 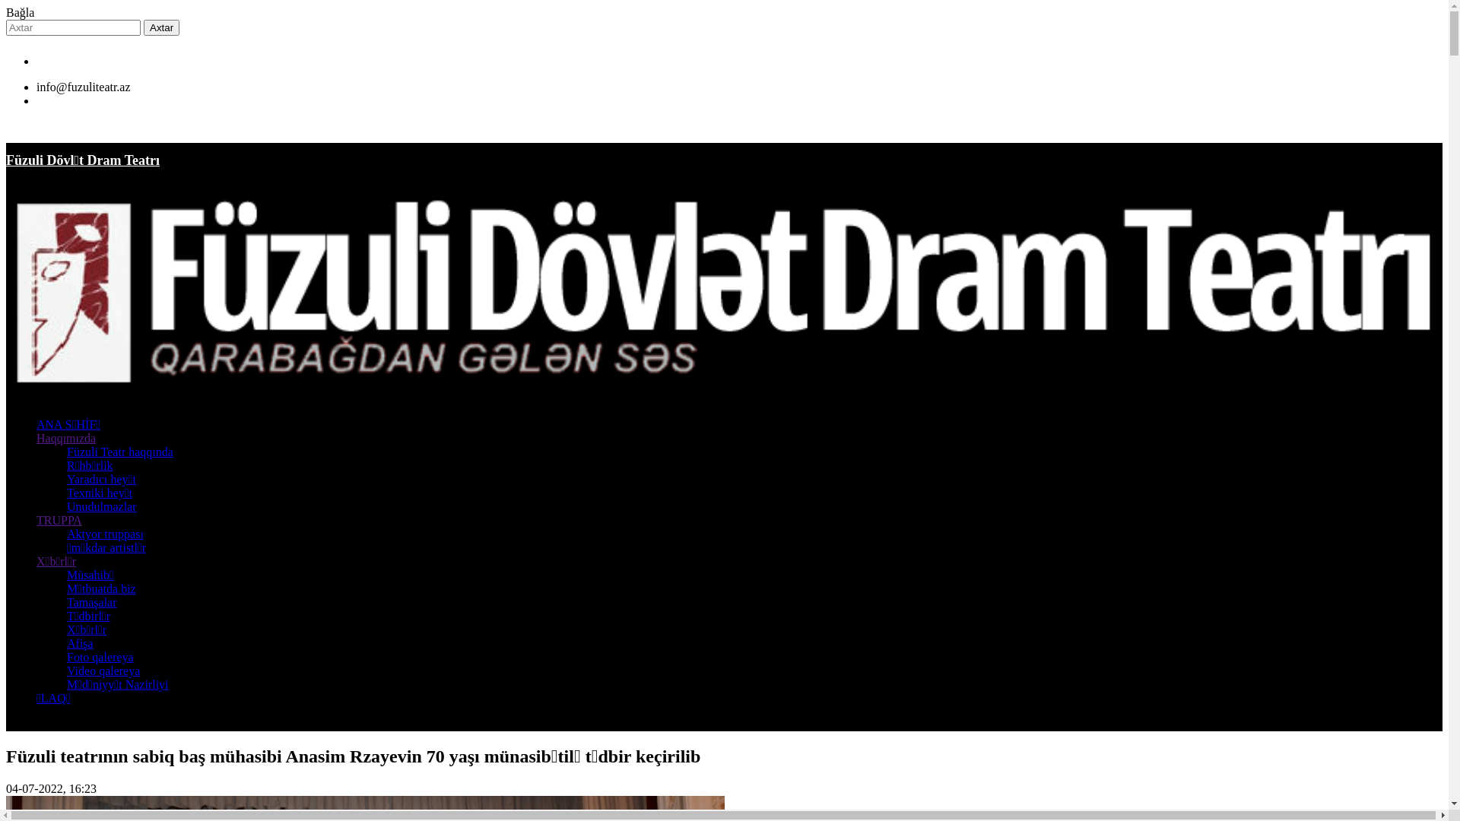 What do you see at coordinates (65, 656) in the screenshot?
I see `'Foto qalereya'` at bounding box center [65, 656].